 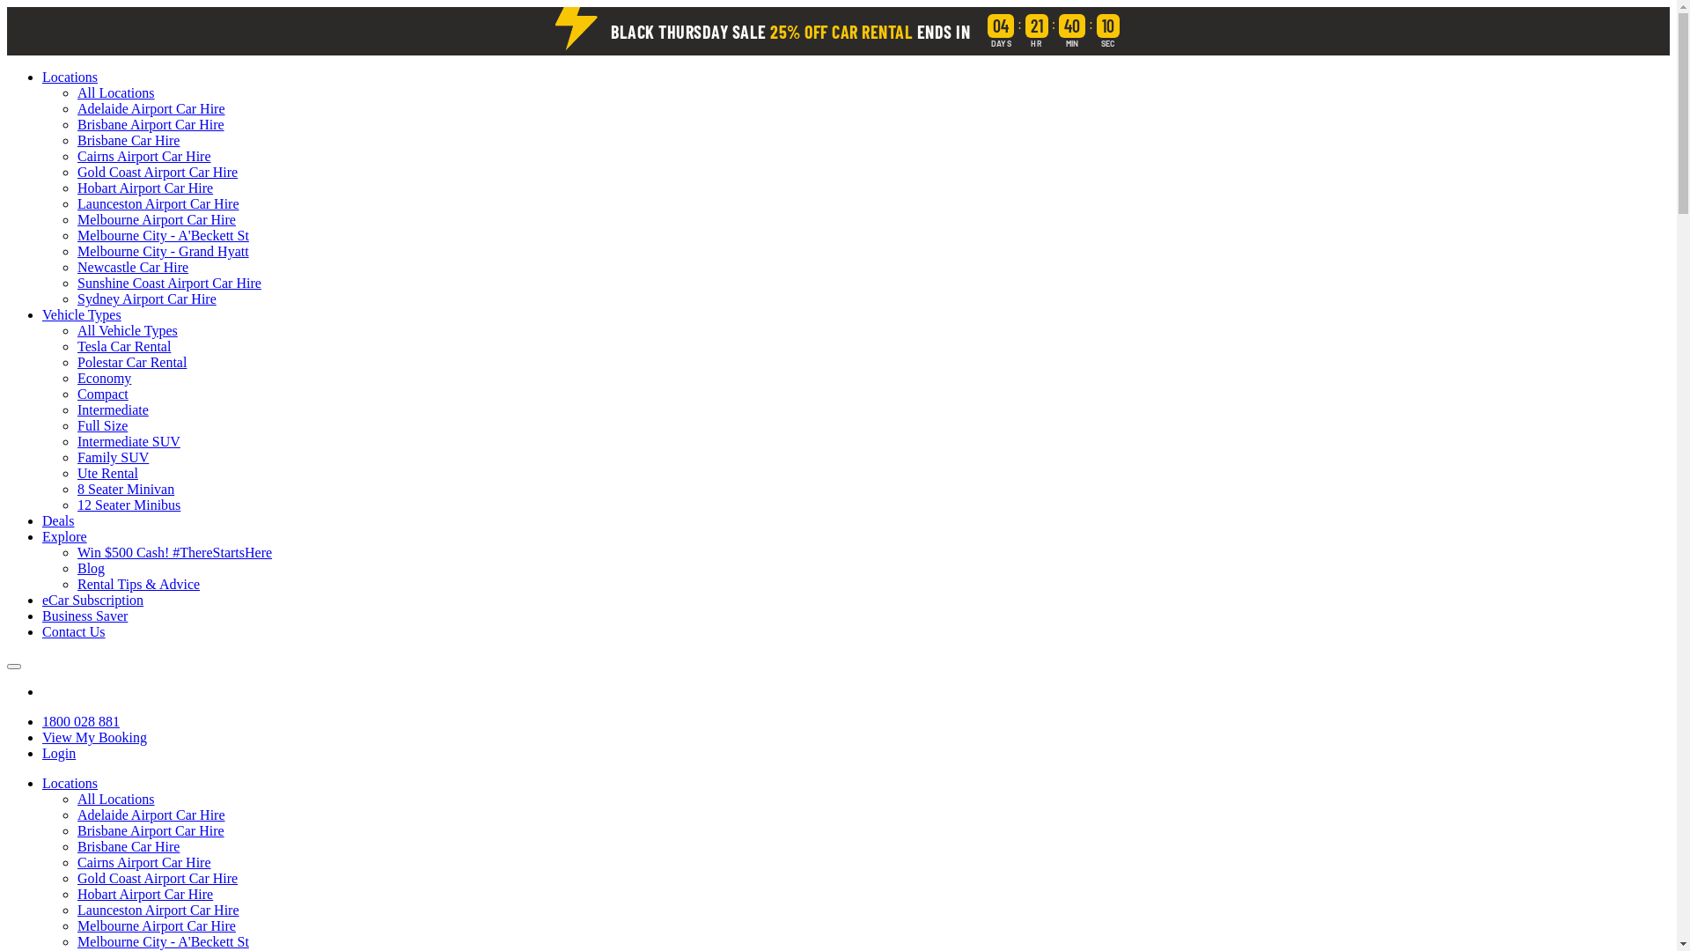 What do you see at coordinates (163, 251) in the screenshot?
I see `'Melbourne City - Grand Hyatt'` at bounding box center [163, 251].